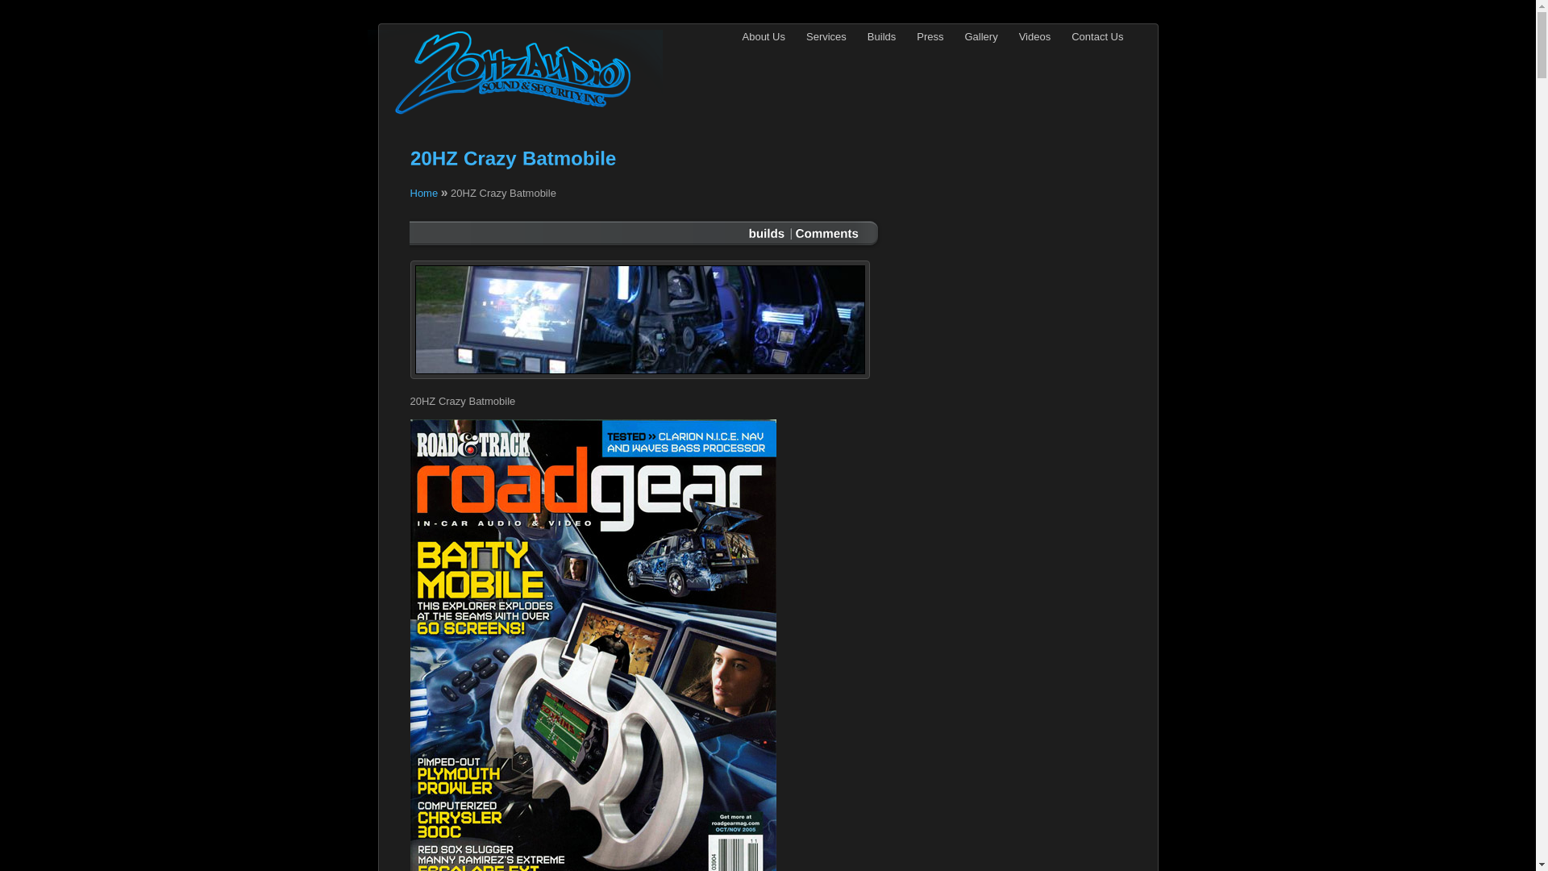 The height and width of the screenshot is (871, 1548). Describe the element at coordinates (1034, 36) in the screenshot. I see `'Videos'` at that location.